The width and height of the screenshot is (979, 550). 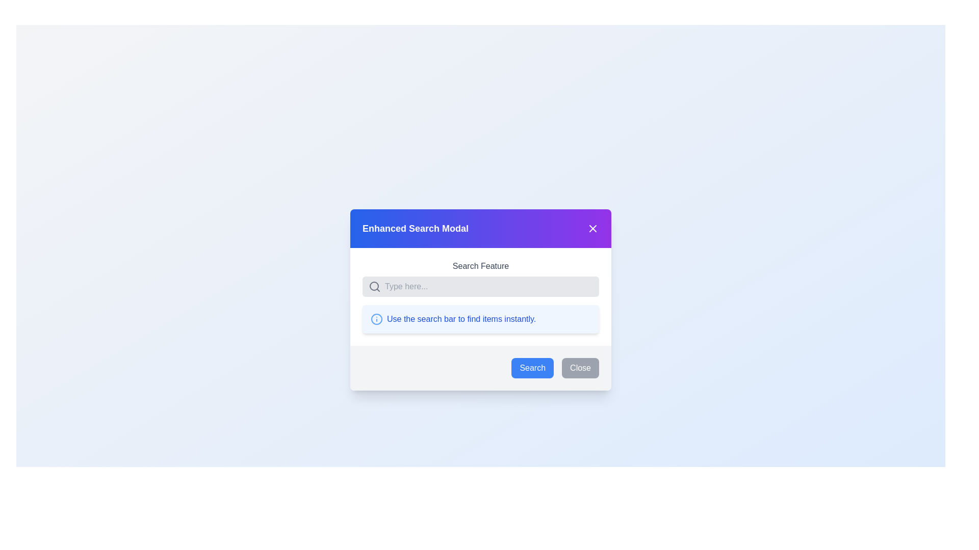 What do you see at coordinates (580, 368) in the screenshot?
I see `the close button located at the bottom-right corner of the modal, positioned to the right of the blue 'Search' button, to trigger the visual hover effect` at bounding box center [580, 368].